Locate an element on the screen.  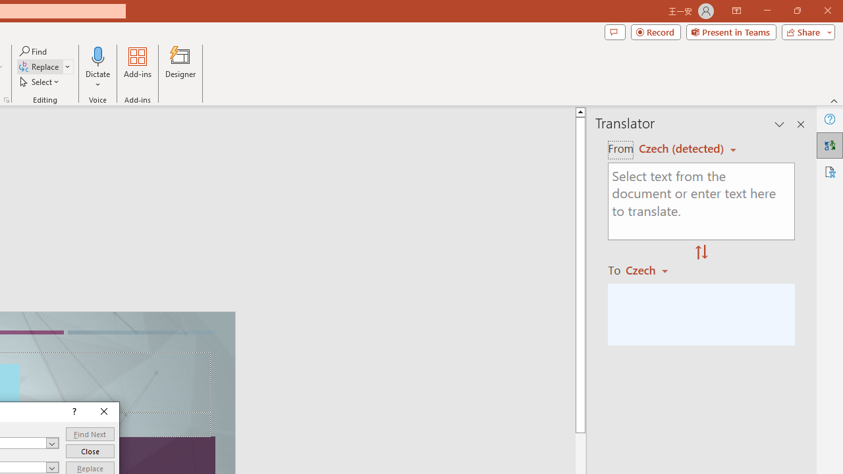
'Swap "from" and "to" languages.' is located at coordinates (701, 253).